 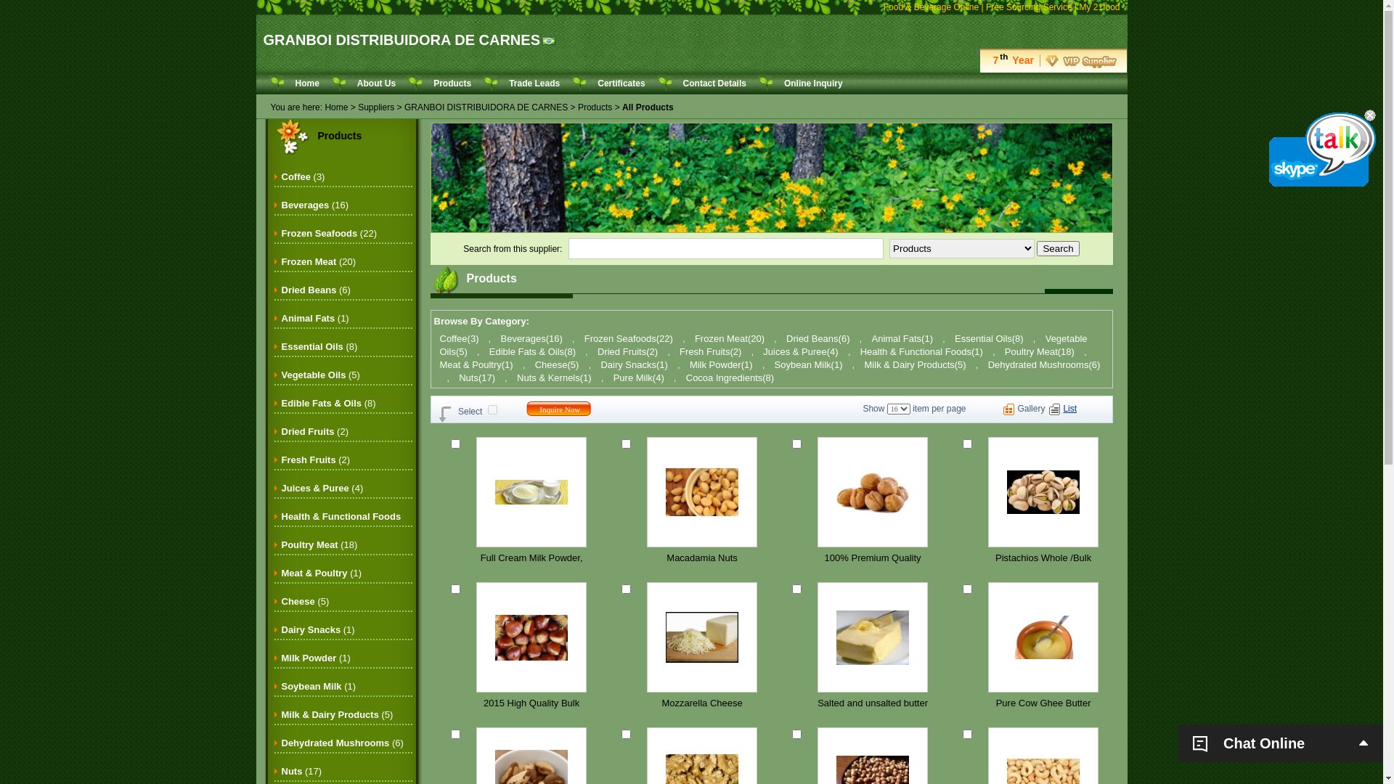 What do you see at coordinates (627, 351) in the screenshot?
I see `'Dried Fruits(2)'` at bounding box center [627, 351].